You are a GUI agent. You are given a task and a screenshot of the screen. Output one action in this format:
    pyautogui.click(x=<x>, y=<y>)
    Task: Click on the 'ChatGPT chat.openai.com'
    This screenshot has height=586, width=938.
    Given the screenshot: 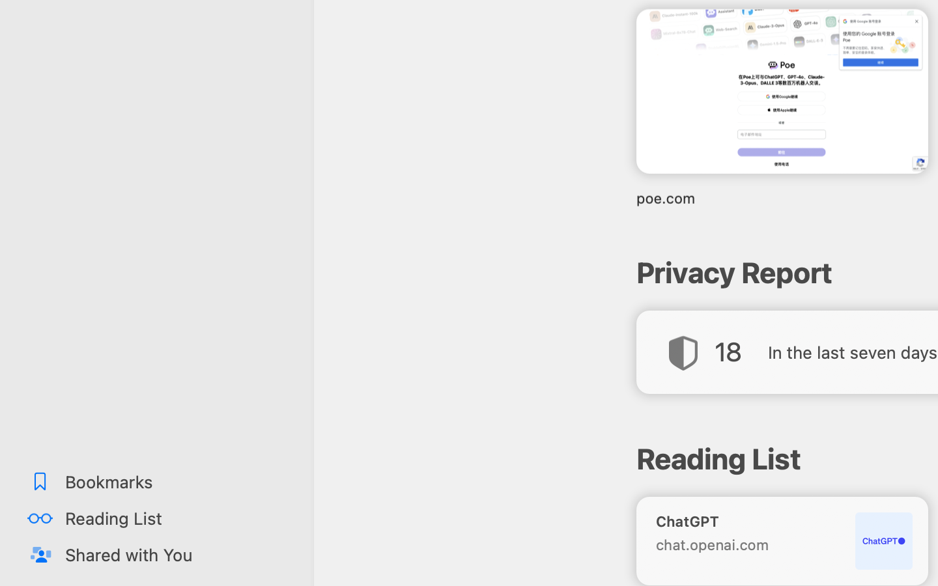 What is the action you would take?
    pyautogui.click(x=781, y=540)
    